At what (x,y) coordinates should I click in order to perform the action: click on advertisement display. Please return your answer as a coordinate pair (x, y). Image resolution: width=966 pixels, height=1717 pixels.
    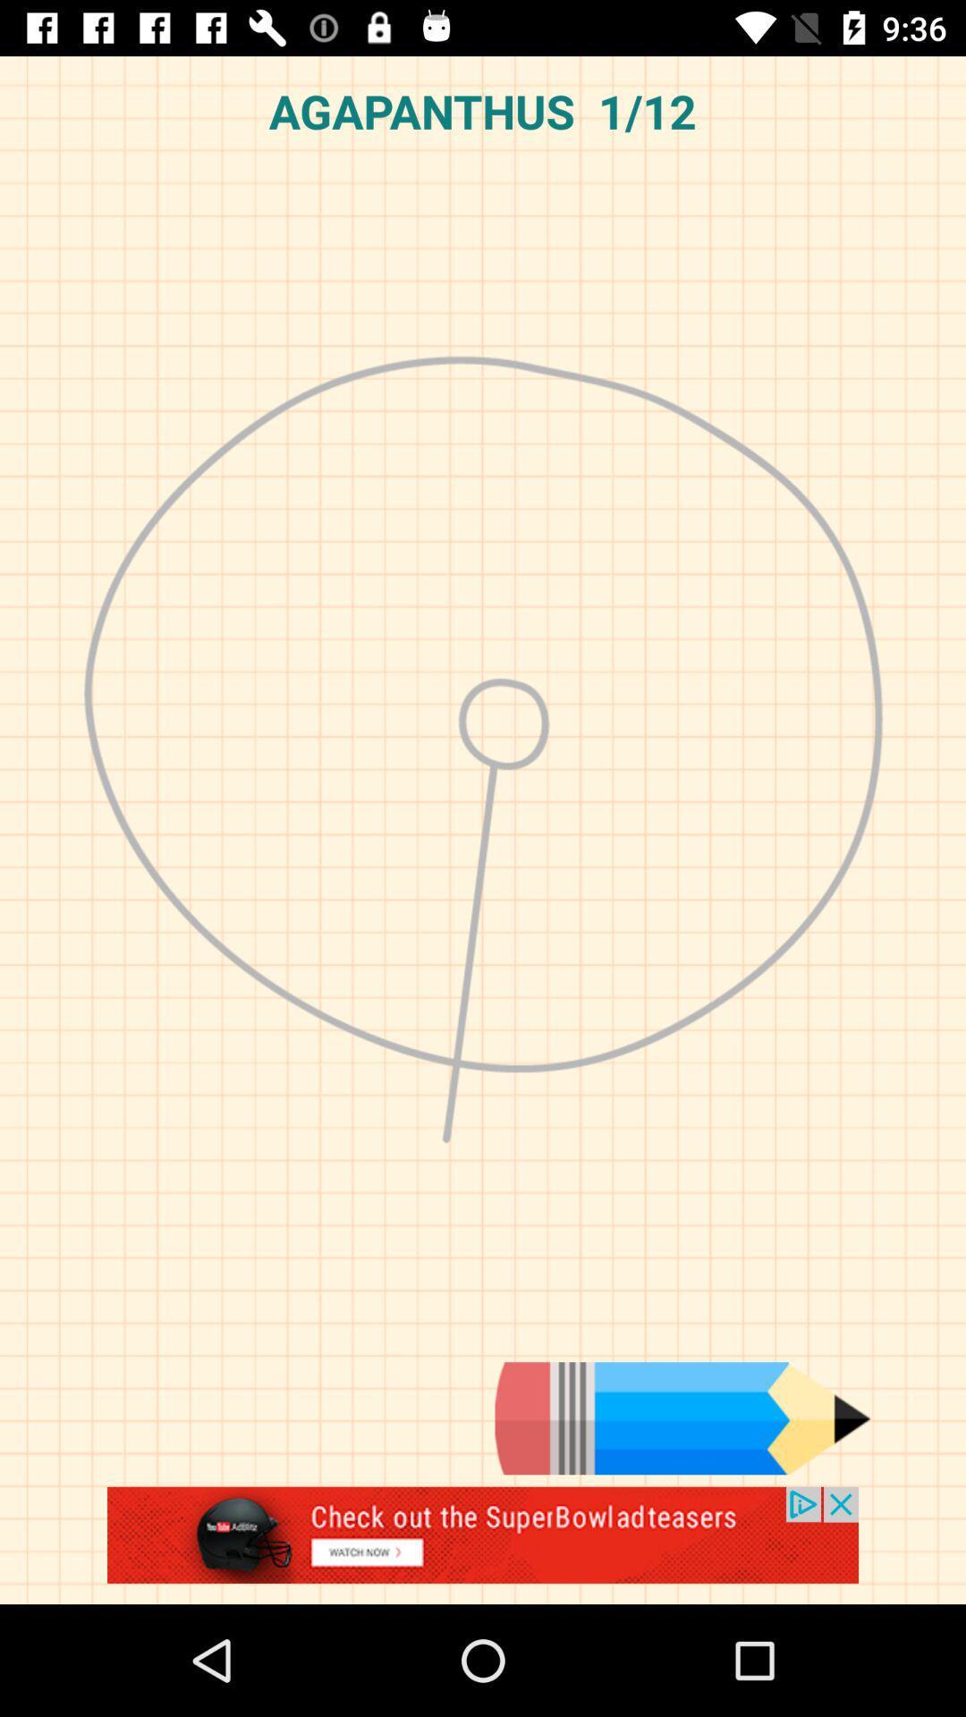
    Looking at the image, I should click on (483, 1544).